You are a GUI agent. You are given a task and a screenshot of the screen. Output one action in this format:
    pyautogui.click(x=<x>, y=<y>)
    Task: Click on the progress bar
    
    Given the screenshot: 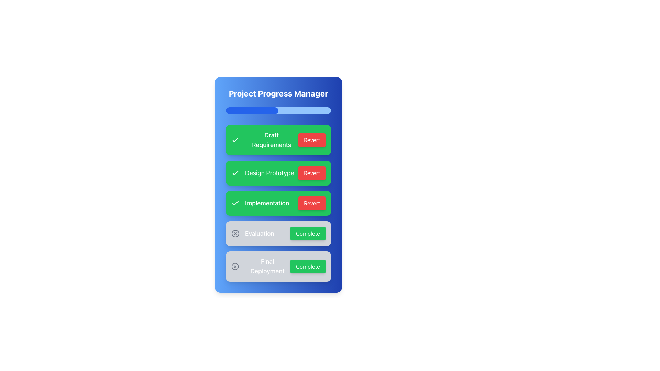 What is the action you would take?
    pyautogui.click(x=285, y=110)
    